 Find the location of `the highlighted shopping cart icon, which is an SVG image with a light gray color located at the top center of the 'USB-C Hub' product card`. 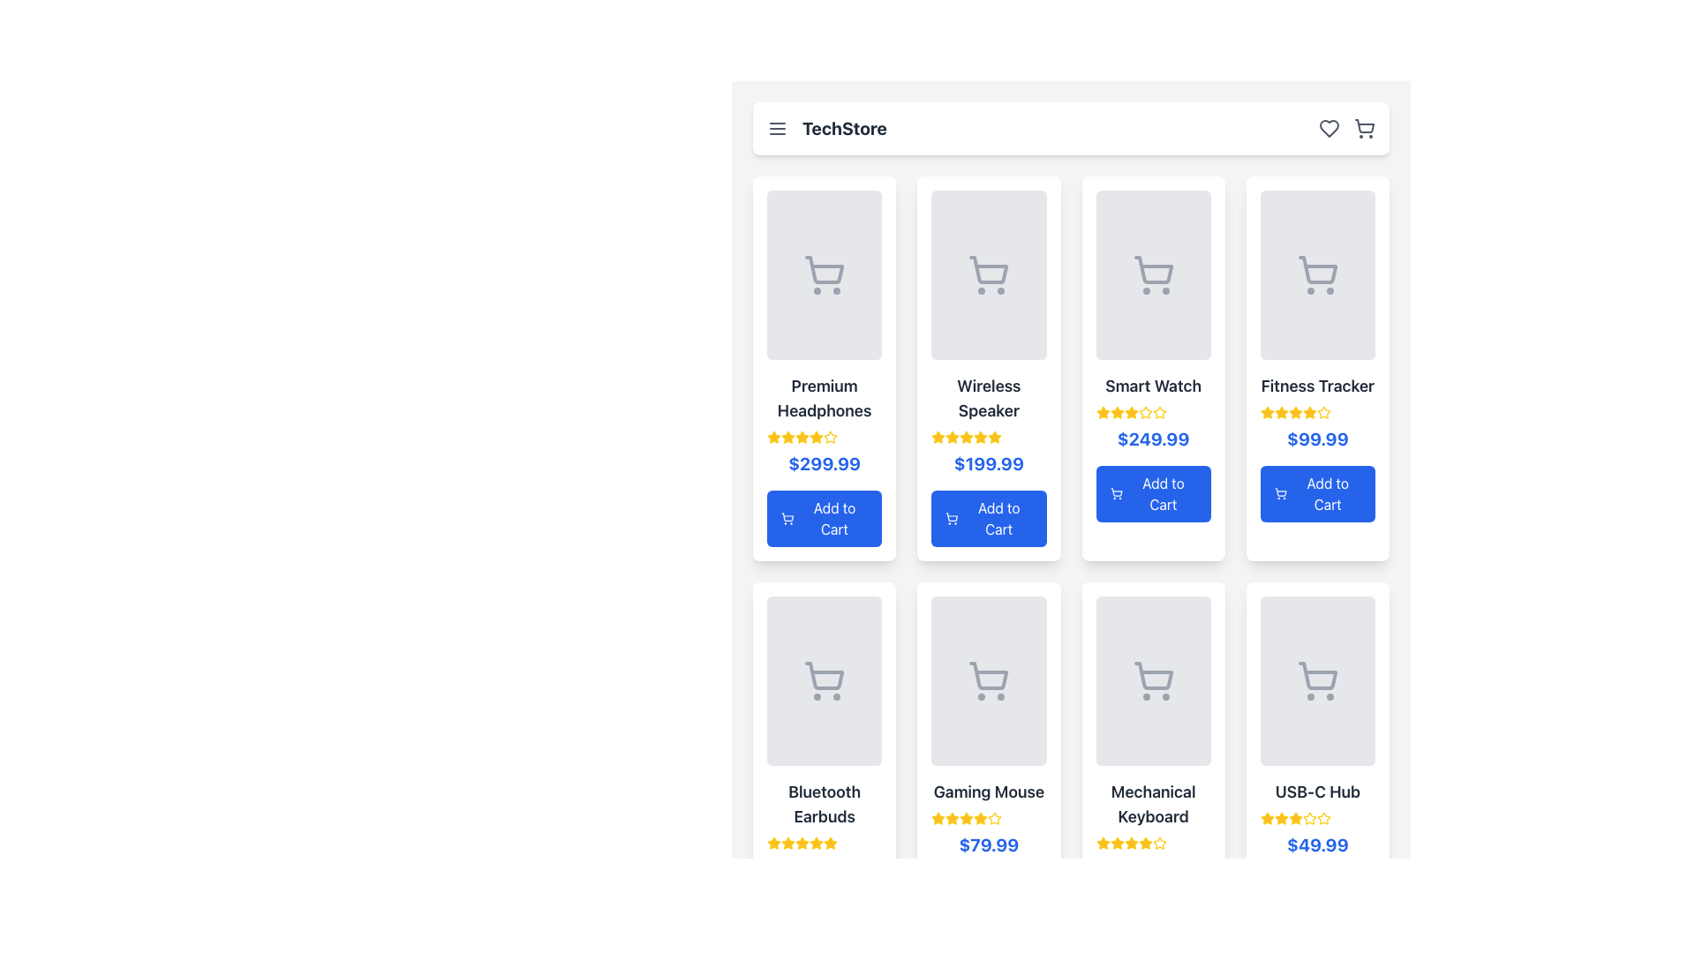

the highlighted shopping cart icon, which is an SVG image with a light gray color located at the top center of the 'USB-C Hub' product card is located at coordinates (1317, 679).